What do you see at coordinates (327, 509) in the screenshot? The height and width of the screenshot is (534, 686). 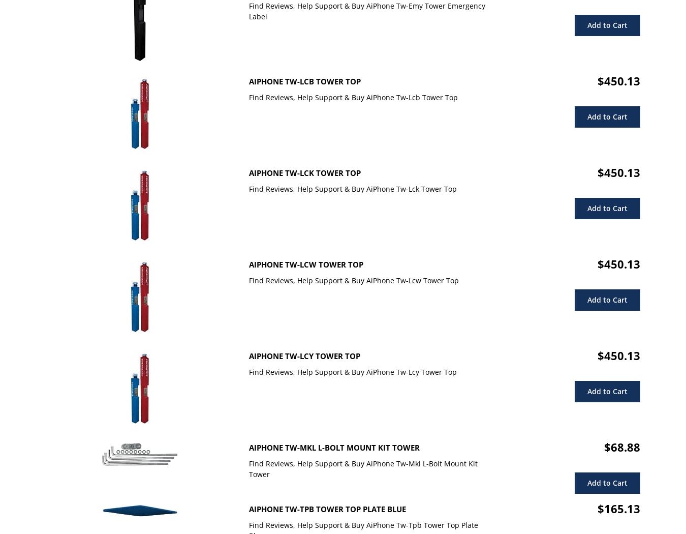 I see `'AiPhone Tw-Tpb Tower Top Plate Blue'` at bounding box center [327, 509].